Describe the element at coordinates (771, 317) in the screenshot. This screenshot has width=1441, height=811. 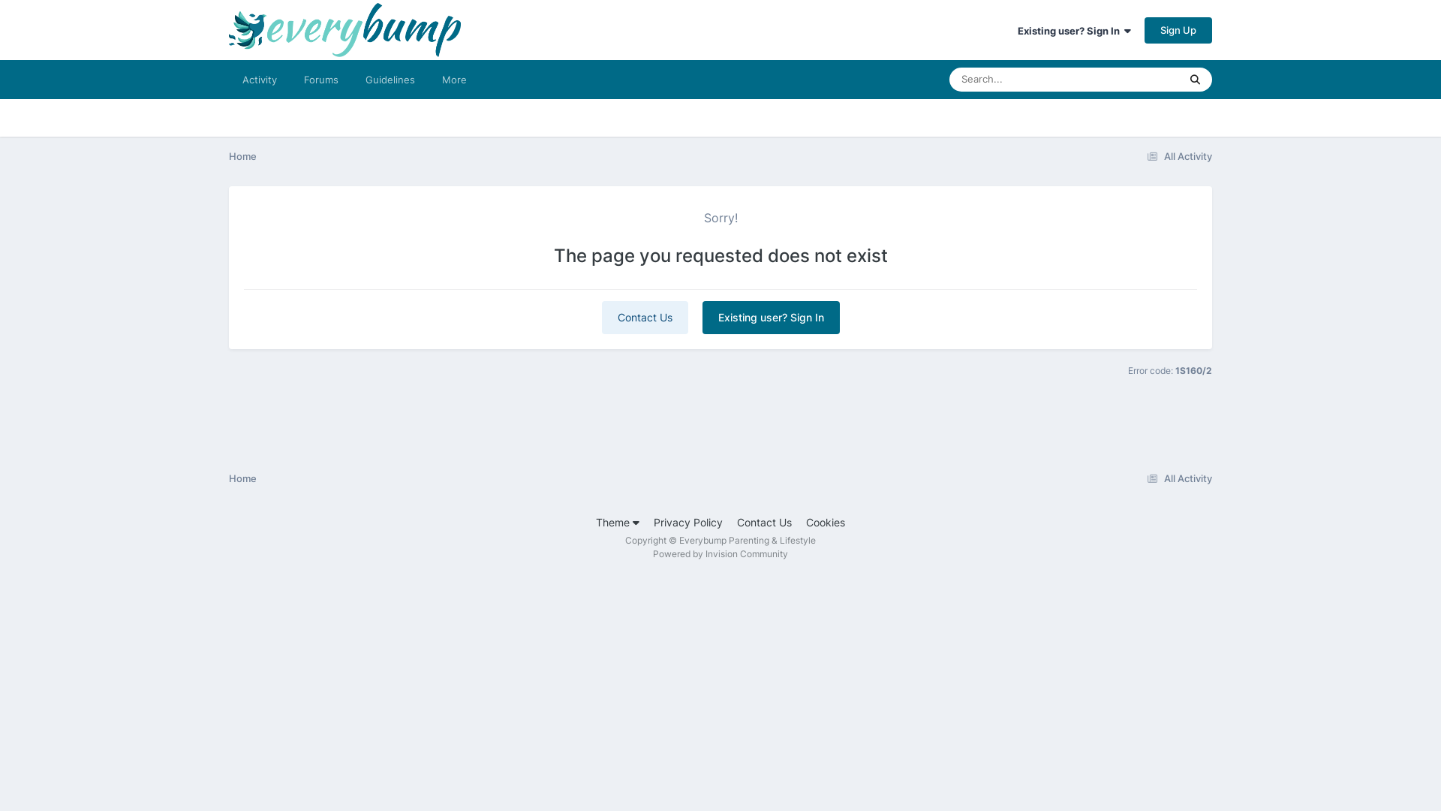
I see `'Existing user? Sign In'` at that location.